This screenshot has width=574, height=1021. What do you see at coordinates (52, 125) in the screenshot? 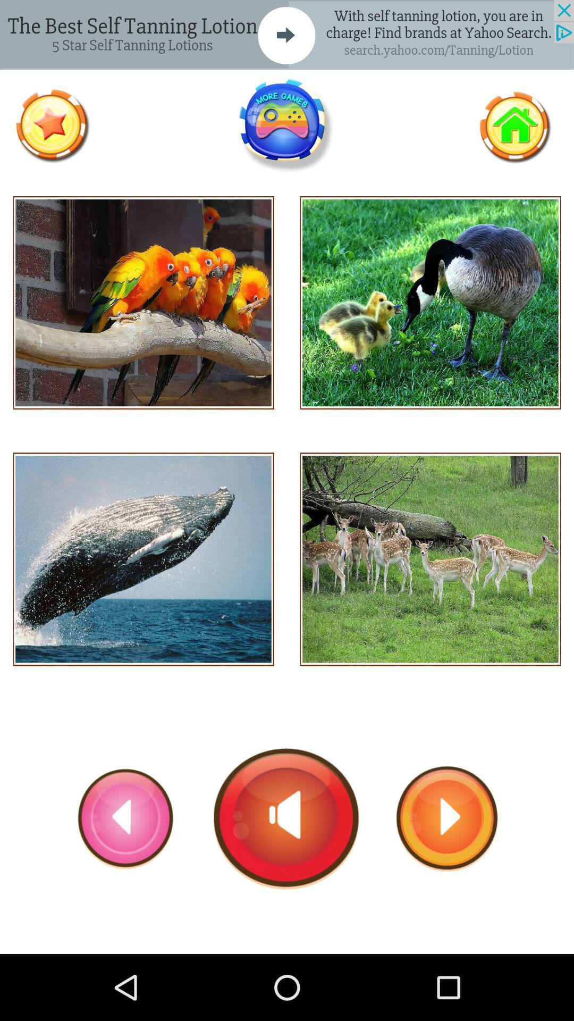
I see `advertisement favardice` at bounding box center [52, 125].